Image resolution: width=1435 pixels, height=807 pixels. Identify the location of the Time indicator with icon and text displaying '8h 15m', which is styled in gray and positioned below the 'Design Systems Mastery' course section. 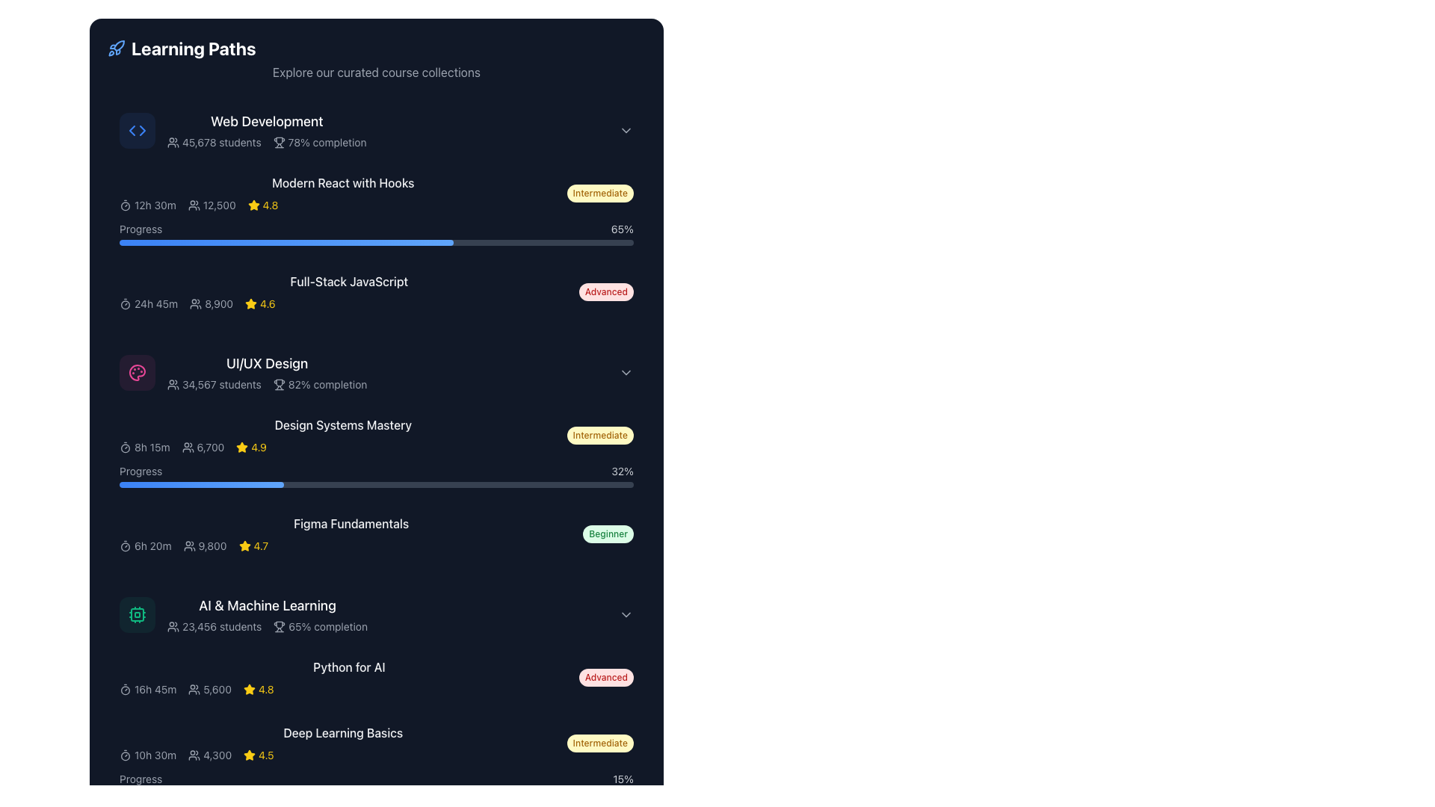
(144, 446).